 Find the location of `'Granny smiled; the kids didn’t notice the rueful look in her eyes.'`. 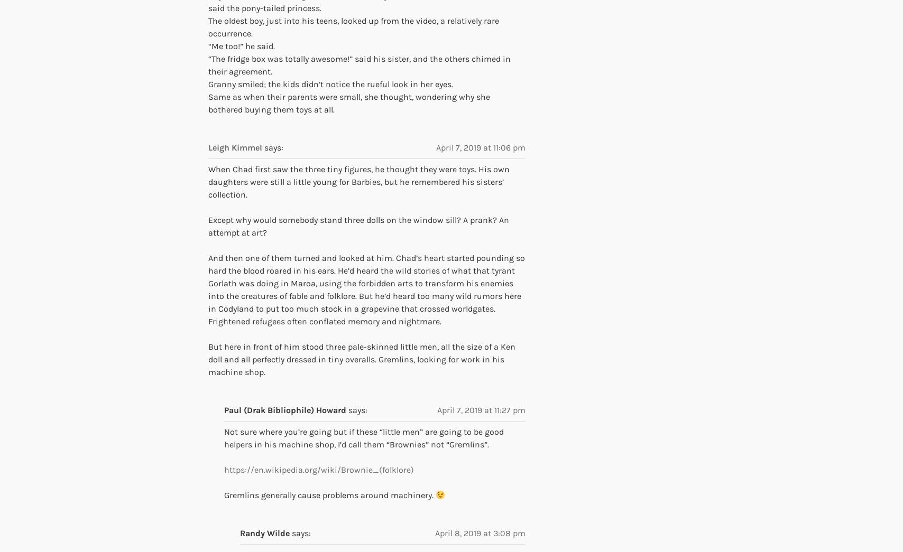

'Granny smiled; the kids didn’t notice the rueful look in her eyes.' is located at coordinates (208, 83).